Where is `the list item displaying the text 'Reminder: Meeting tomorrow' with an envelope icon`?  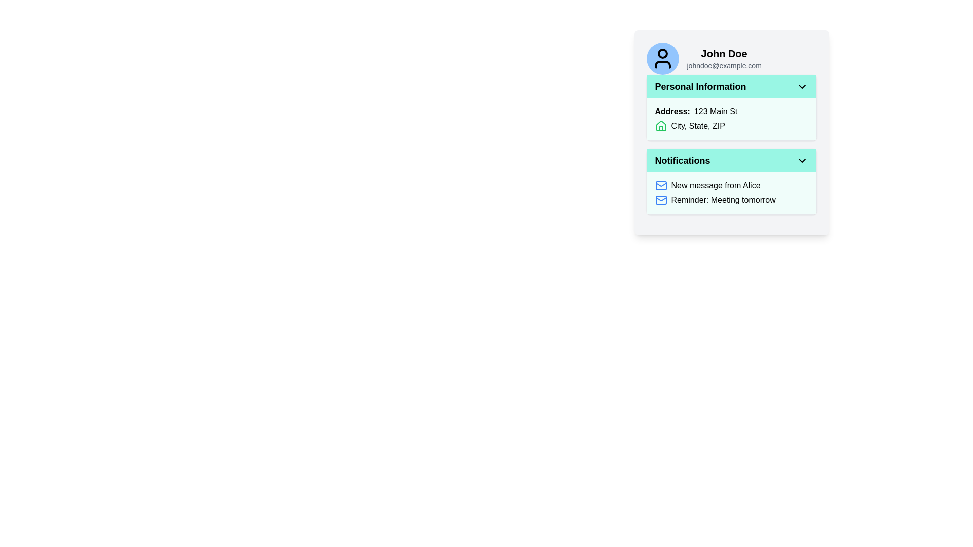
the list item displaying the text 'Reminder: Meeting tomorrow' with an envelope icon is located at coordinates (731, 200).